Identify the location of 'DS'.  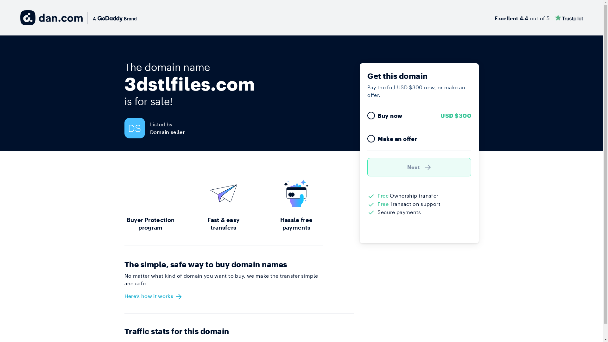
(124, 128).